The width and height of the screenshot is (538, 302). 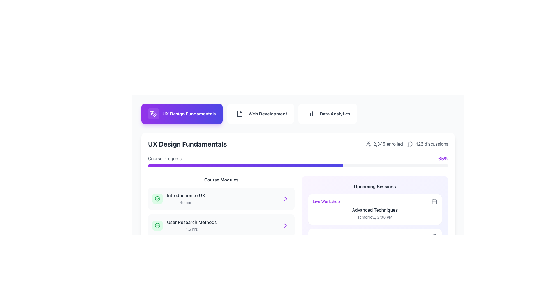 What do you see at coordinates (388, 144) in the screenshot?
I see `the static text displaying the number of individuals enrolled in a specific course, located to the right of the users icon` at bounding box center [388, 144].